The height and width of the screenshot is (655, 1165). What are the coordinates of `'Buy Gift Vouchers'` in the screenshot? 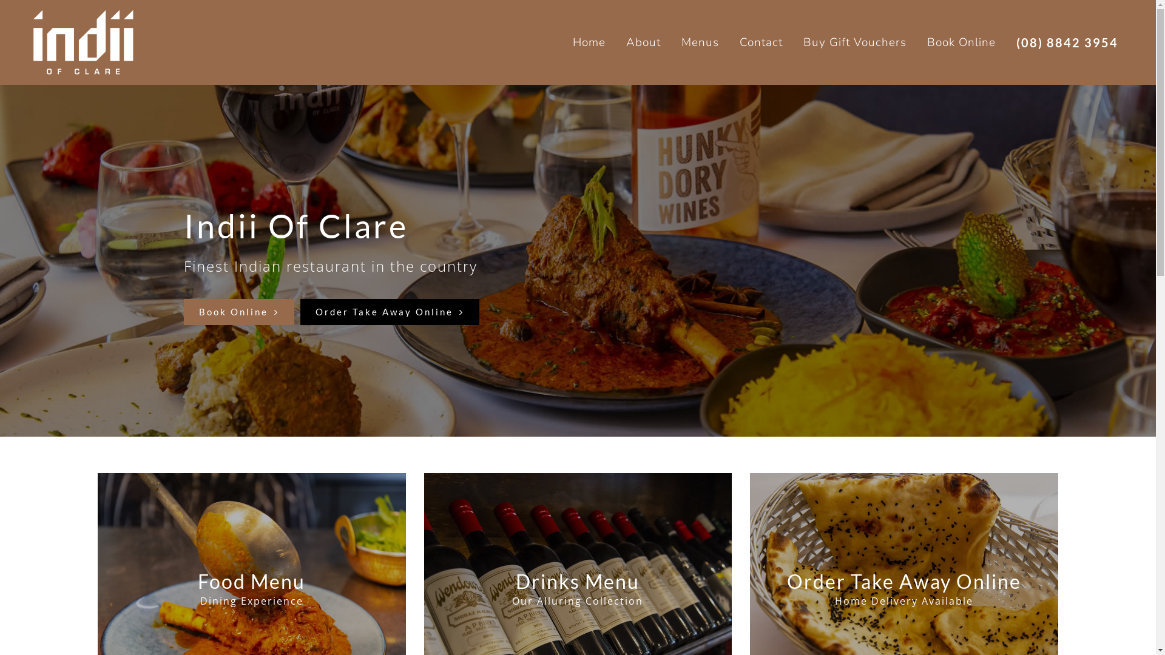 It's located at (792, 41).